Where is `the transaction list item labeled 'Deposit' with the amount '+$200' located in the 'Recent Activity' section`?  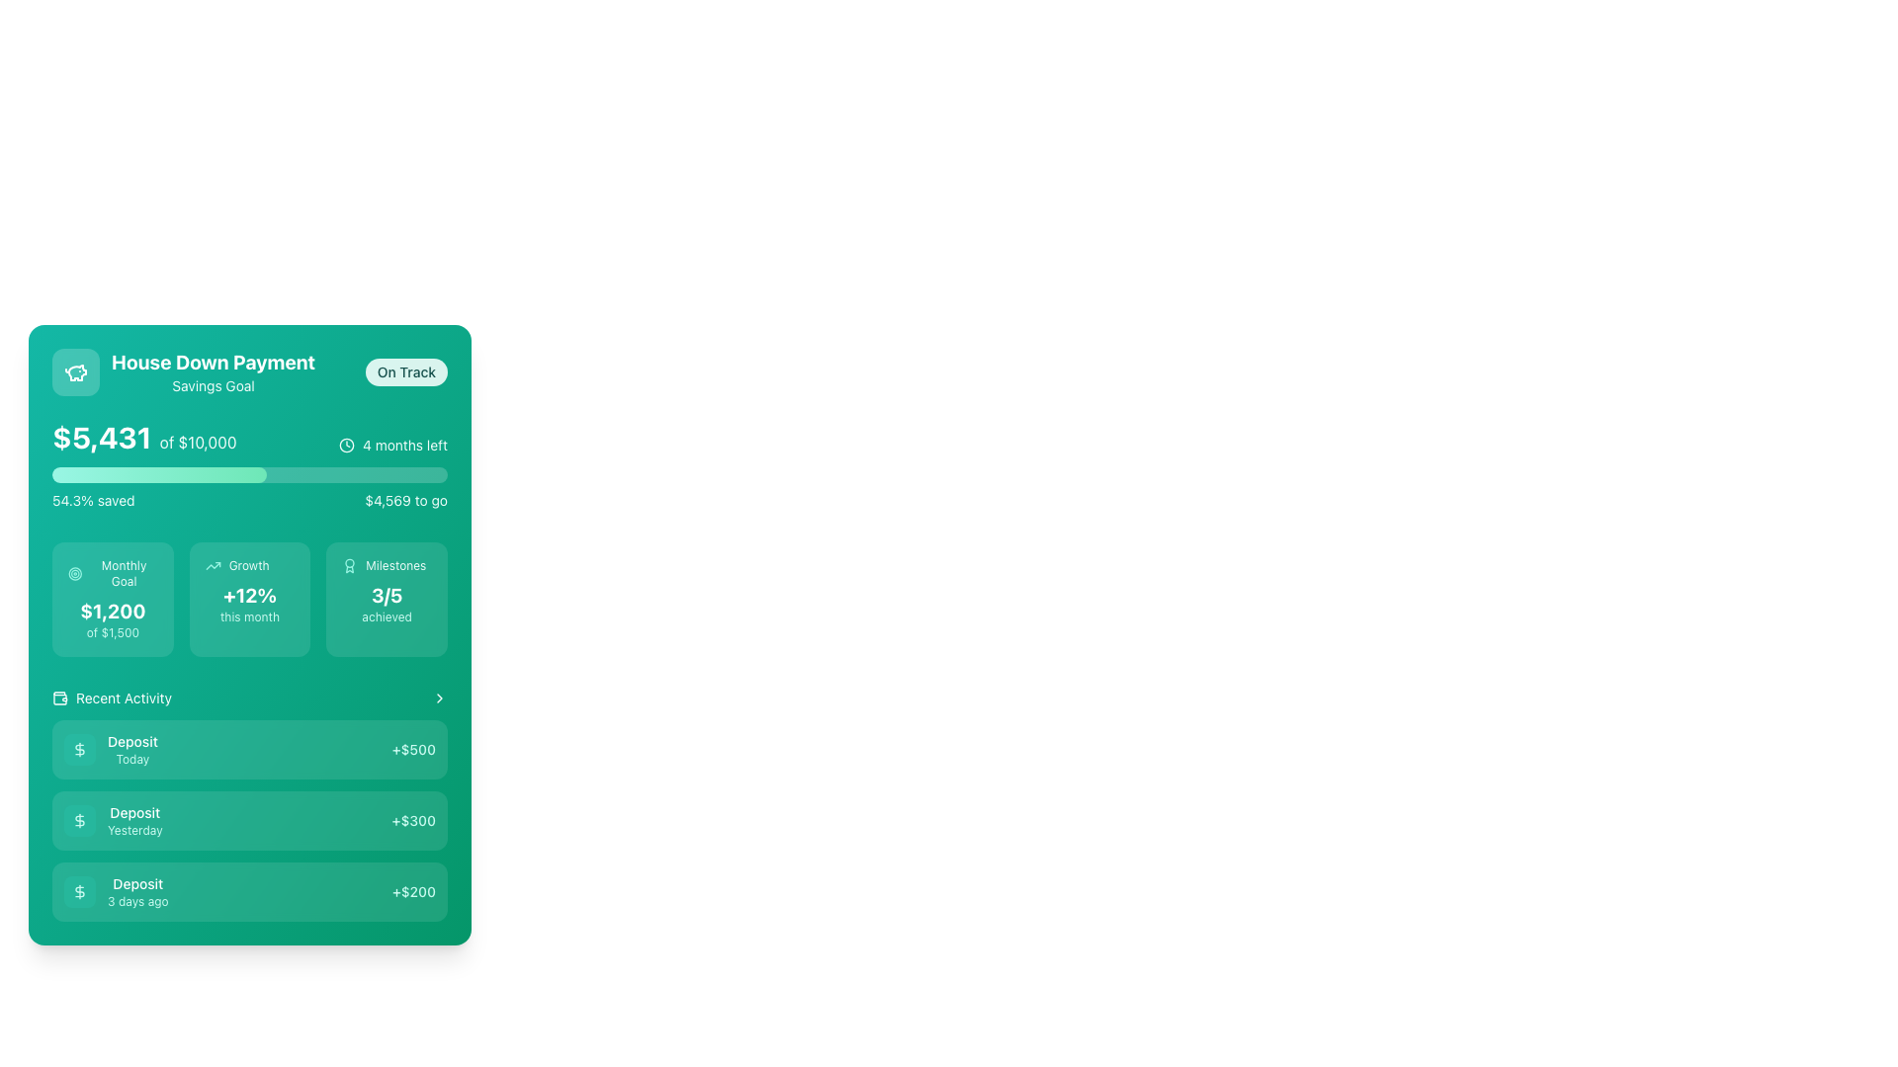
the transaction list item labeled 'Deposit' with the amount '+$200' located in the 'Recent Activity' section is located at coordinates (249, 891).